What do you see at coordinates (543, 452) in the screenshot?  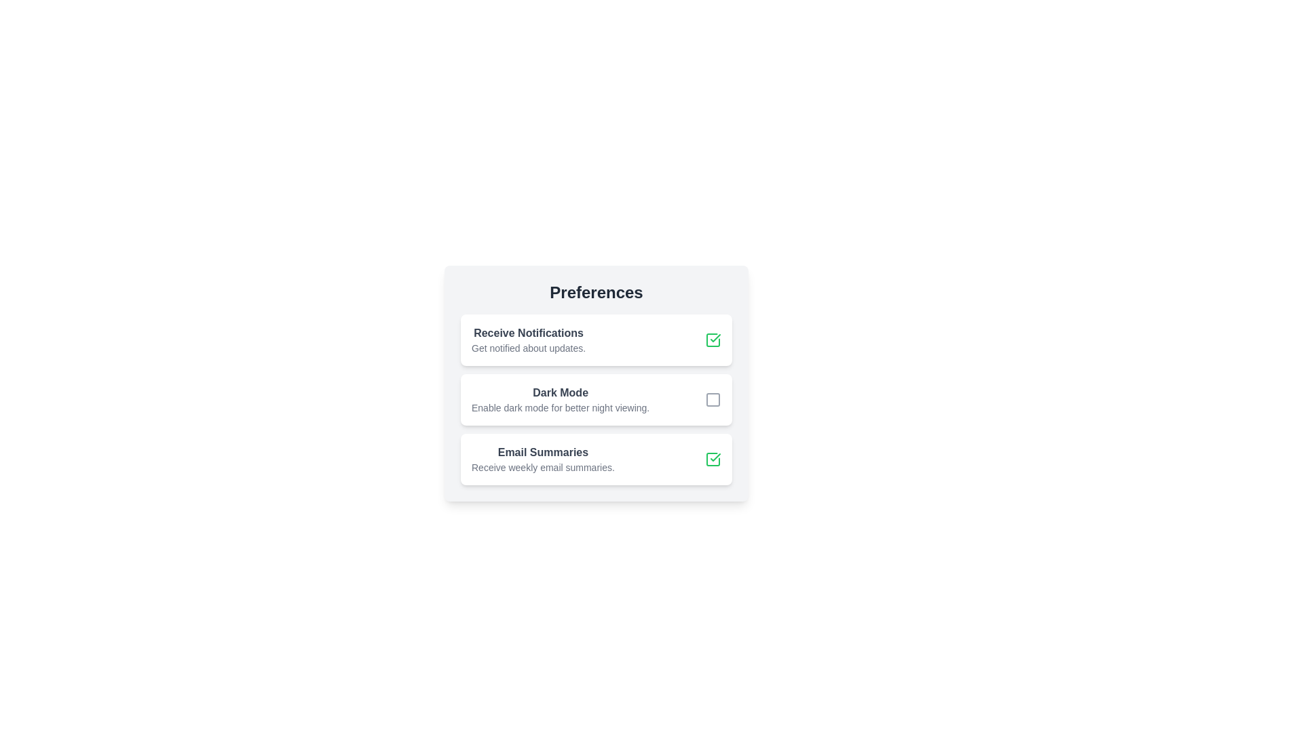 I see `the bolded text label displaying 'Email Summaries' in dark gray, which serves as the title for the third group of options within the 'Preferences' card` at bounding box center [543, 452].